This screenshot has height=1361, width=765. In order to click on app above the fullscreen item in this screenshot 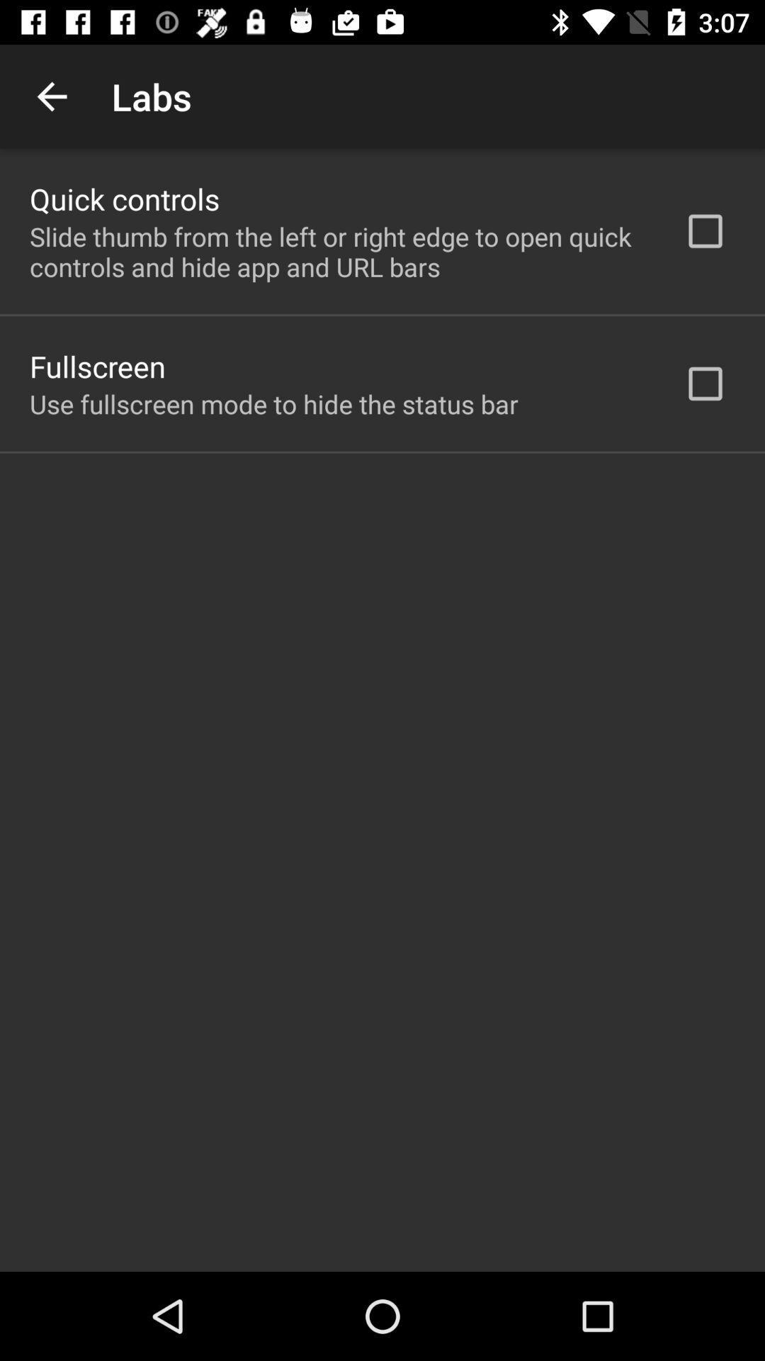, I will do `click(338, 252)`.